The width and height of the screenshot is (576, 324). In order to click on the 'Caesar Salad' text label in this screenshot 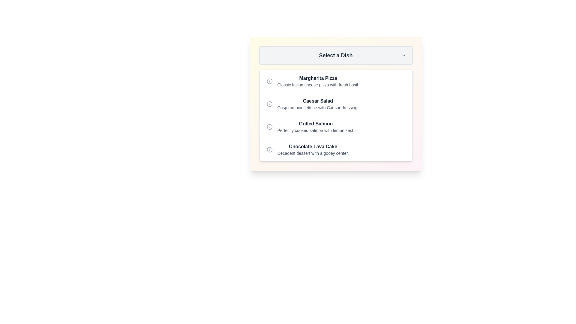, I will do `click(317, 104)`.